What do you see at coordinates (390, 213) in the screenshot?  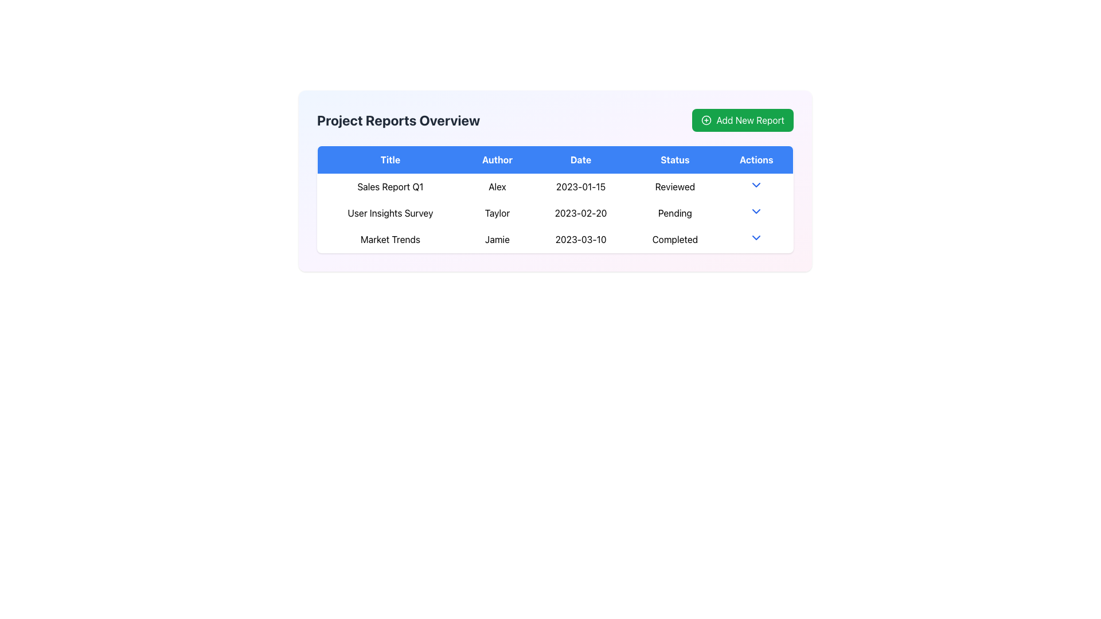 I see `the title text field in the second data row under the 'Title' column of the 'Project Reports Overview' table` at bounding box center [390, 213].